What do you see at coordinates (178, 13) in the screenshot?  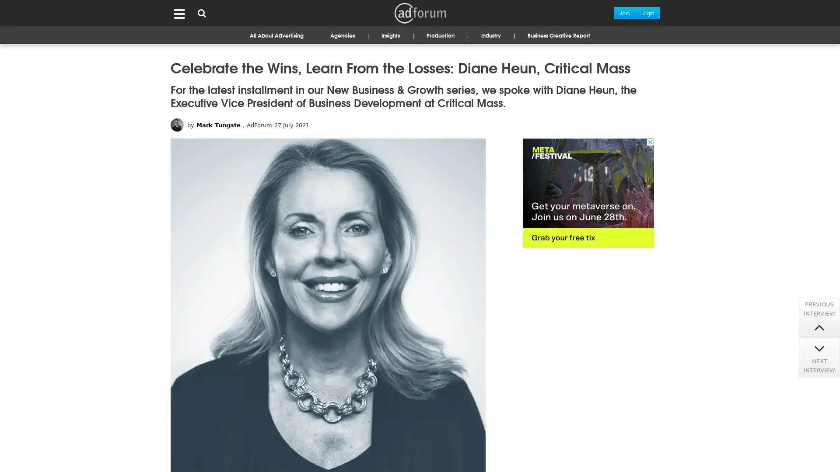 I see `Menu` at bounding box center [178, 13].